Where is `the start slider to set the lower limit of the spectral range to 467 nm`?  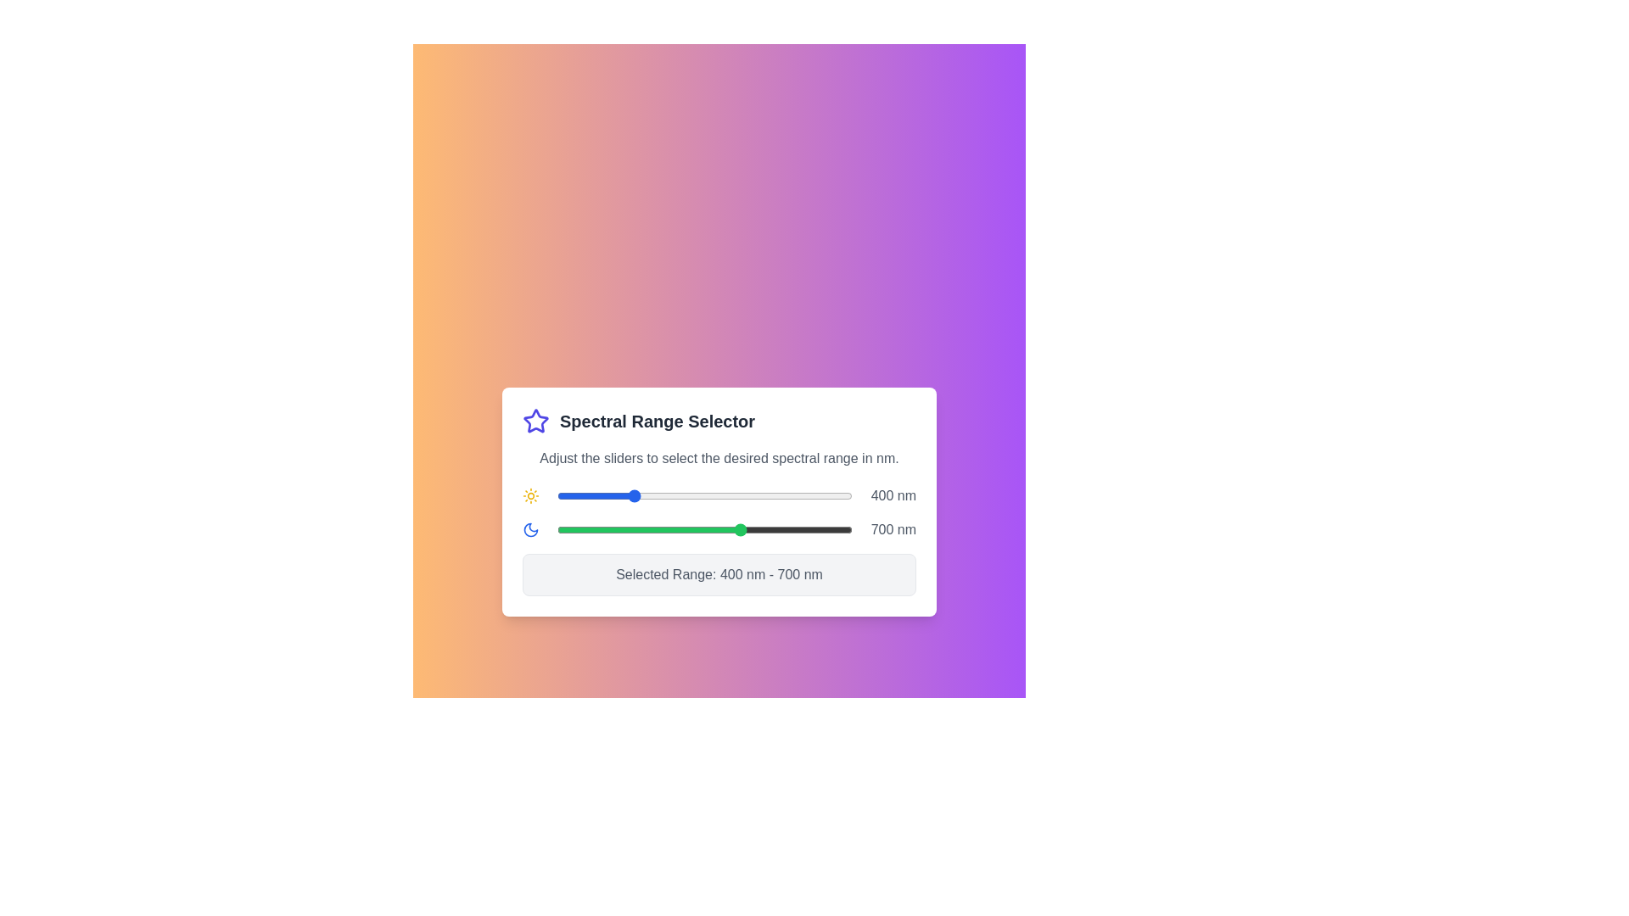 the start slider to set the lower limit of the spectral range to 467 nm is located at coordinates (655, 496).